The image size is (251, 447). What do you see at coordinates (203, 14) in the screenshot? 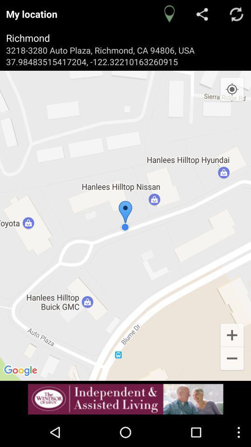
I see `the share icon` at bounding box center [203, 14].